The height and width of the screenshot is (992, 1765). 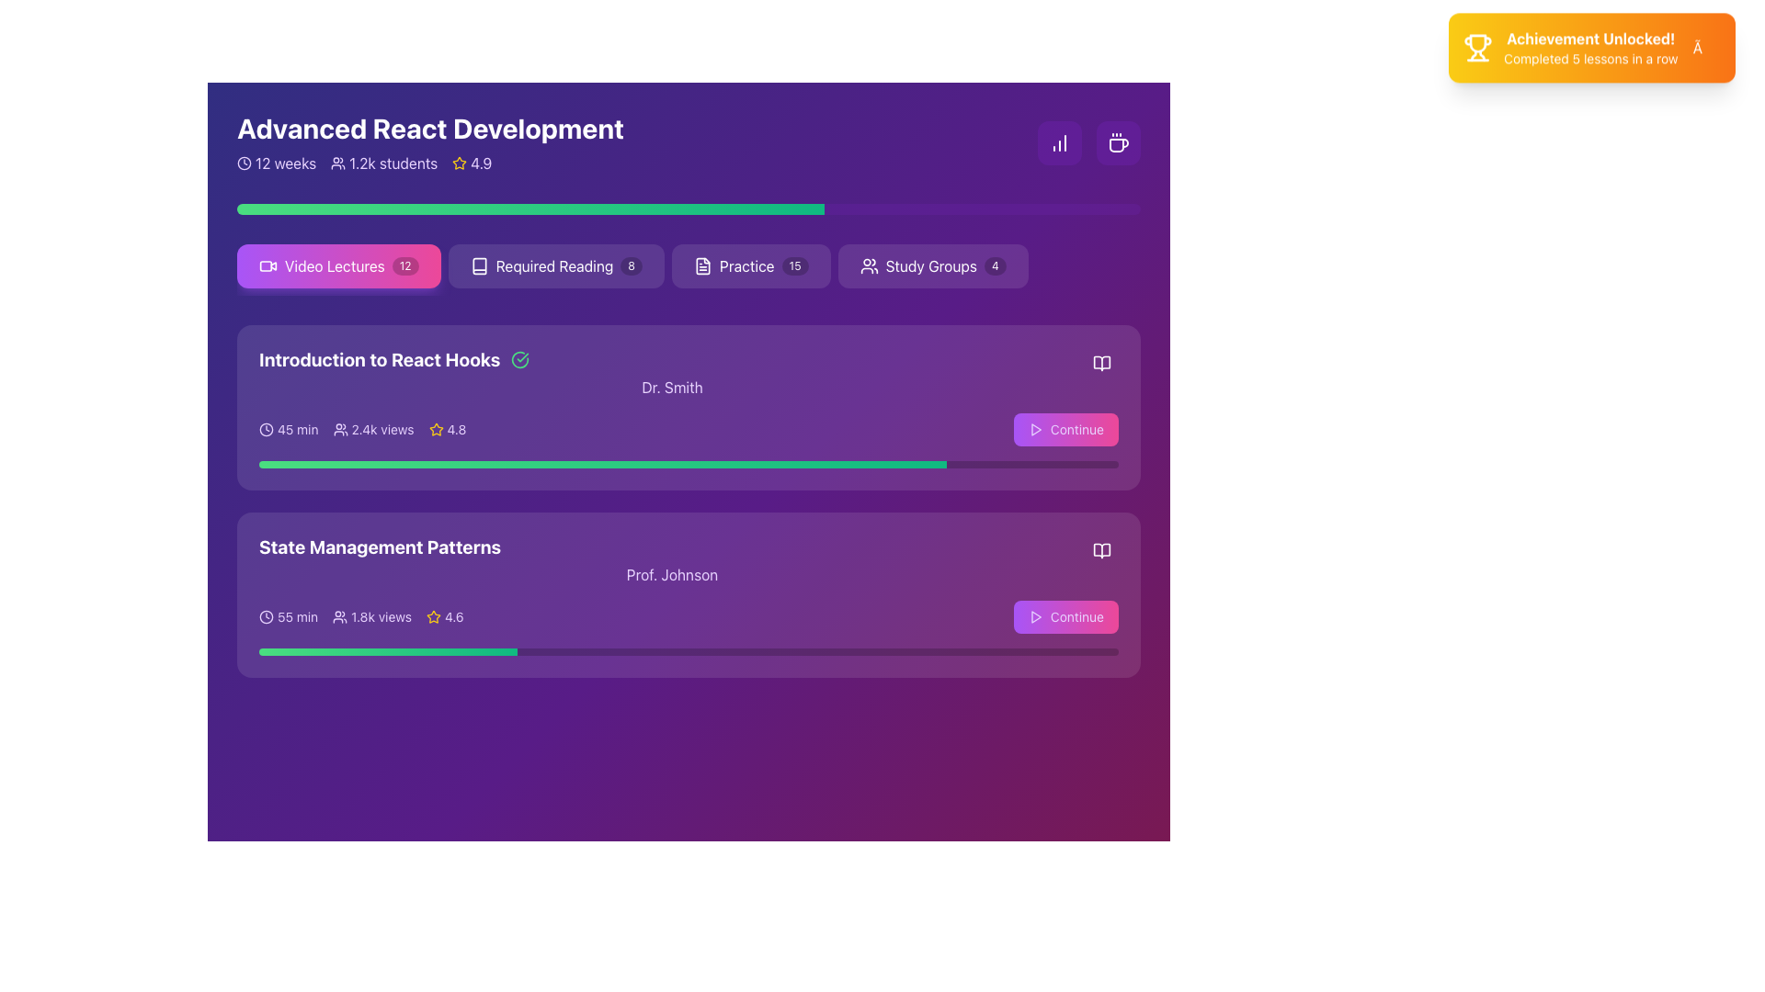 I want to click on the metadata bar displaying course information, so click(x=429, y=162).